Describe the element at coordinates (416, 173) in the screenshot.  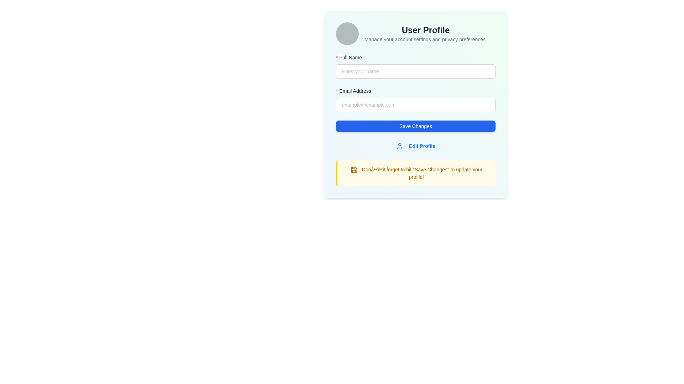
I see `informational message displayed in the yellow-colored text component that instructs users to 'Don’t forget to hit "Save Changes" to update your profile!'` at that location.